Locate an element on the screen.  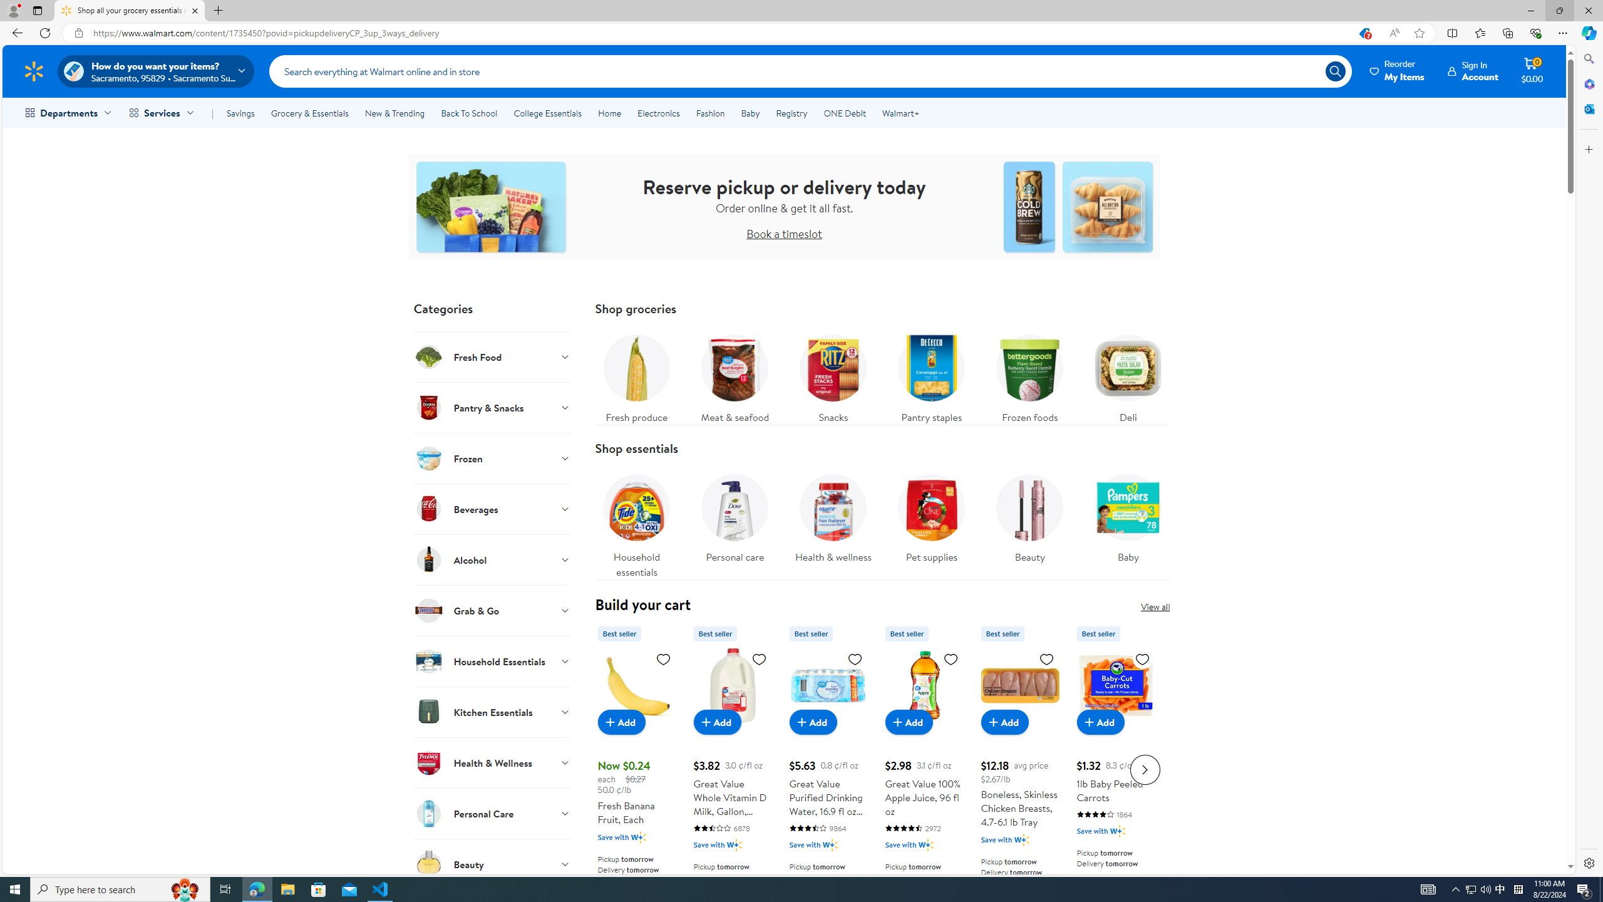
'Add to cart - Fresh Banana Fruit, Each' is located at coordinates (621, 722).